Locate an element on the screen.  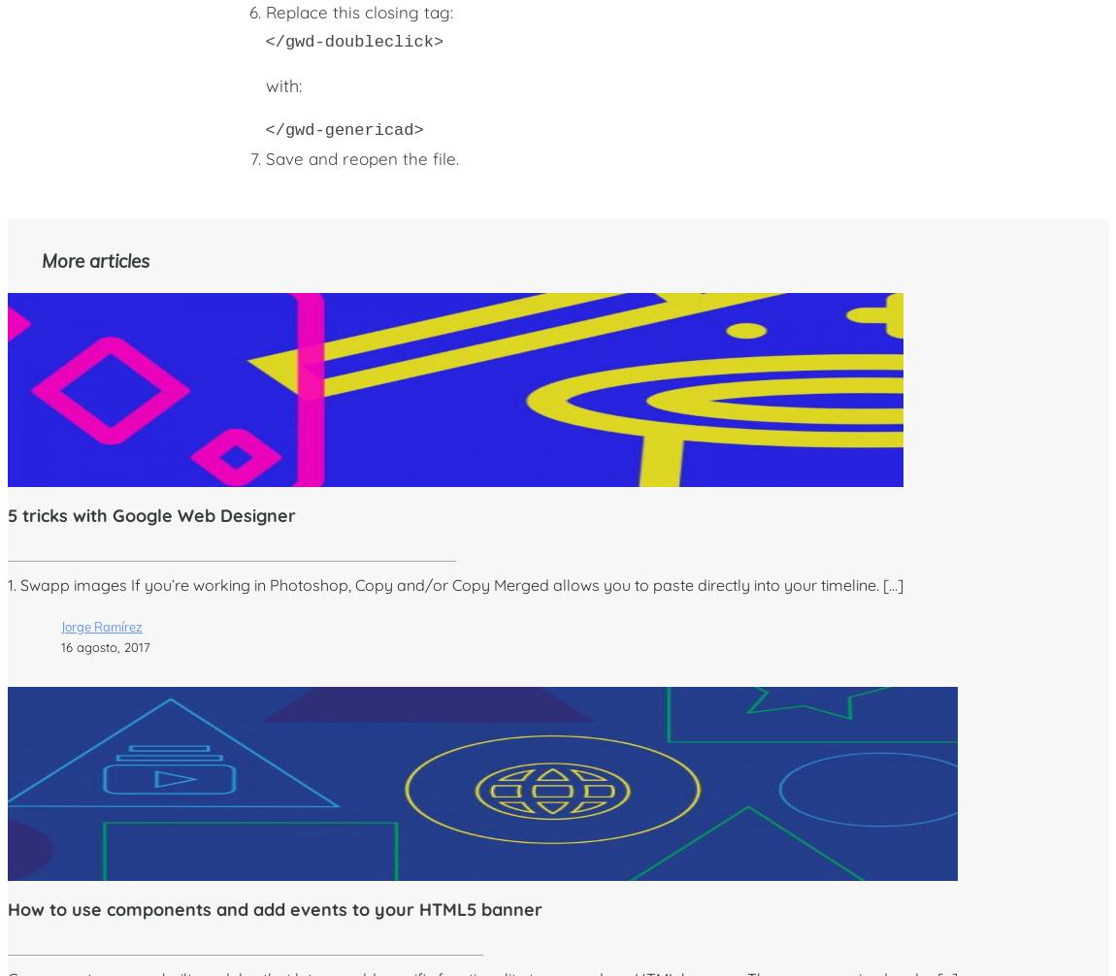
'More articles' is located at coordinates (41, 258).